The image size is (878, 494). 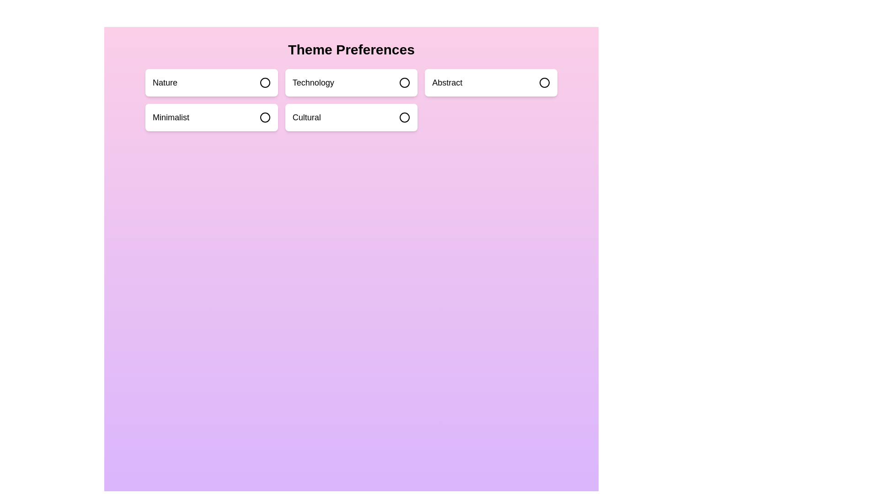 What do you see at coordinates (351, 83) in the screenshot?
I see `the theme box labeled Technology` at bounding box center [351, 83].